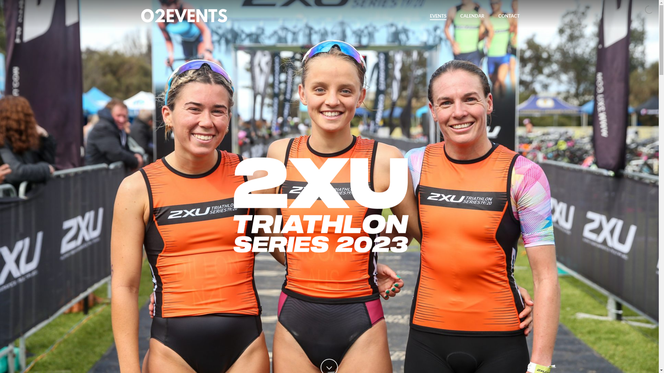 This screenshot has height=373, width=664. What do you see at coordinates (184, 16) in the screenshot?
I see `'O2 Events'` at bounding box center [184, 16].